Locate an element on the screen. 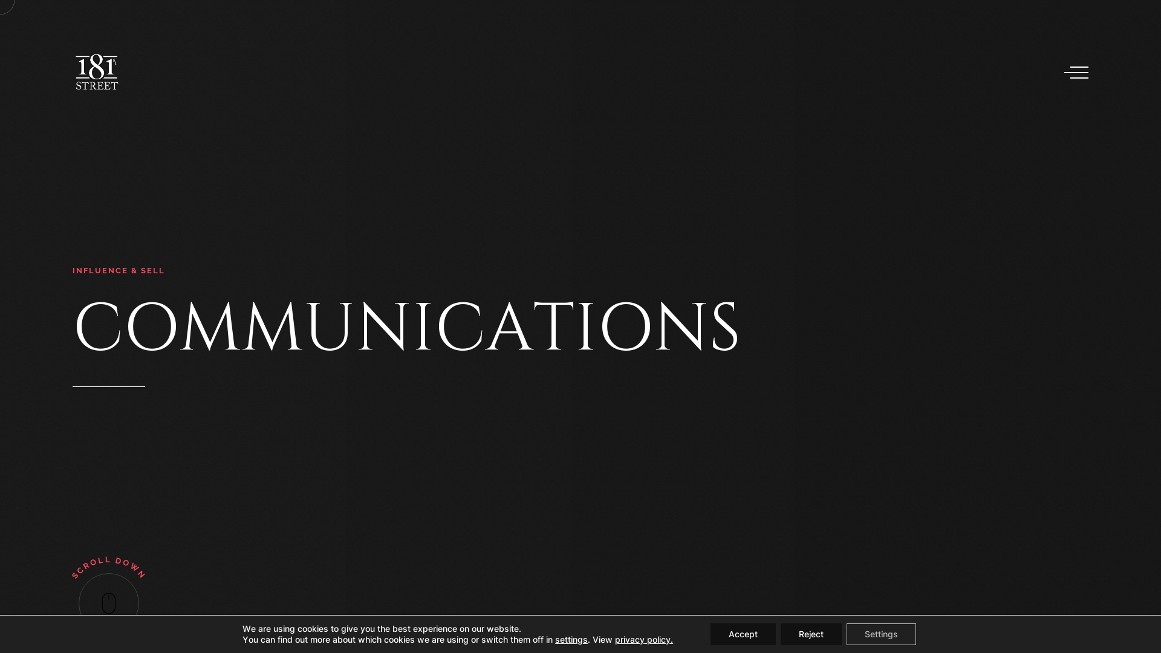  'Reject' is located at coordinates (811, 634).